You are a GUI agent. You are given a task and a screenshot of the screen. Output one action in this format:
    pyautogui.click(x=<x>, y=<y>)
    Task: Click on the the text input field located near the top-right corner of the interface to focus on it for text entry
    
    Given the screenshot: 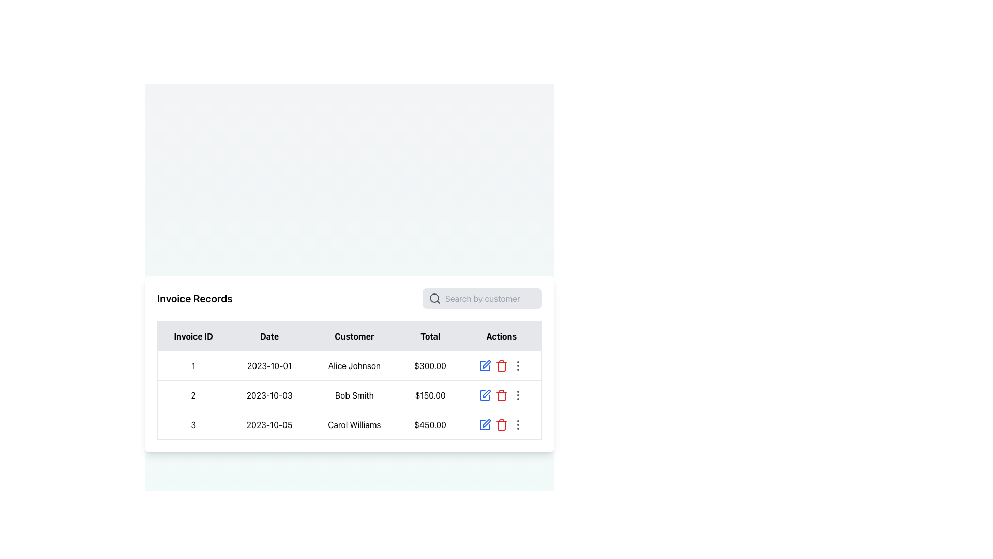 What is the action you would take?
    pyautogui.click(x=490, y=298)
    